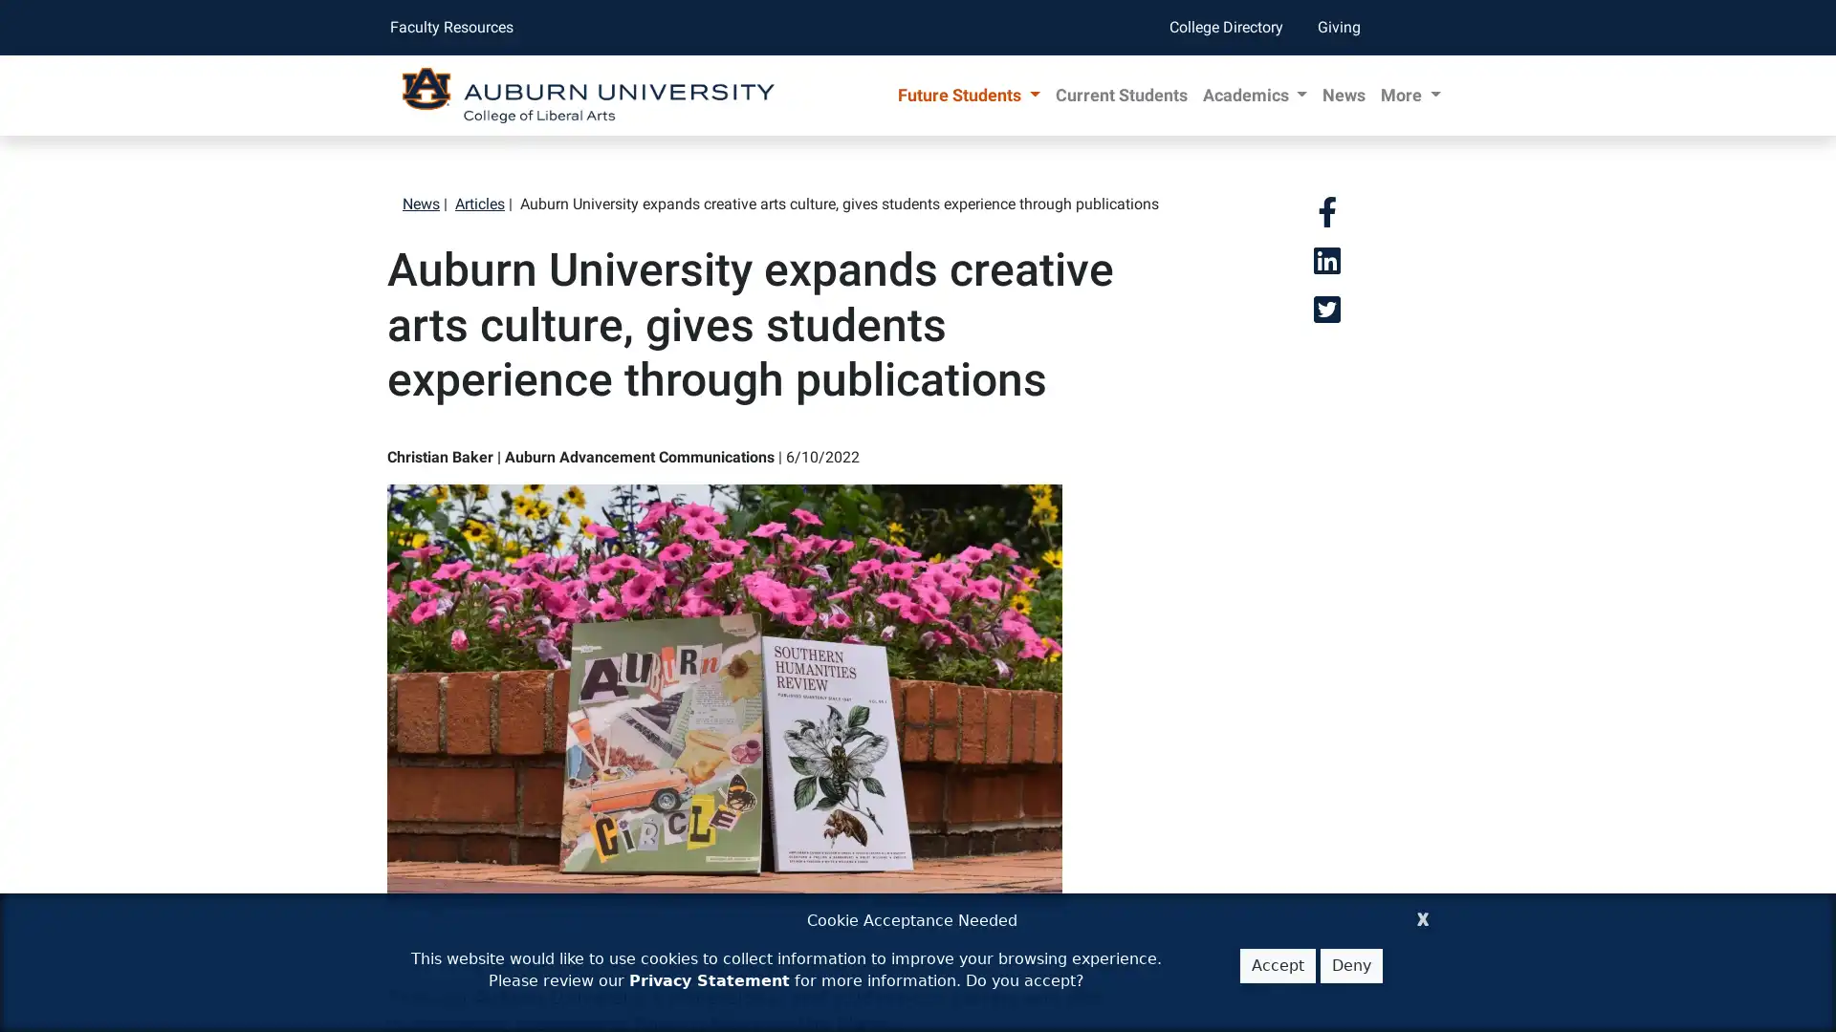  What do you see at coordinates (1423, 915) in the screenshot?
I see `Close Cookie Acceptance` at bounding box center [1423, 915].